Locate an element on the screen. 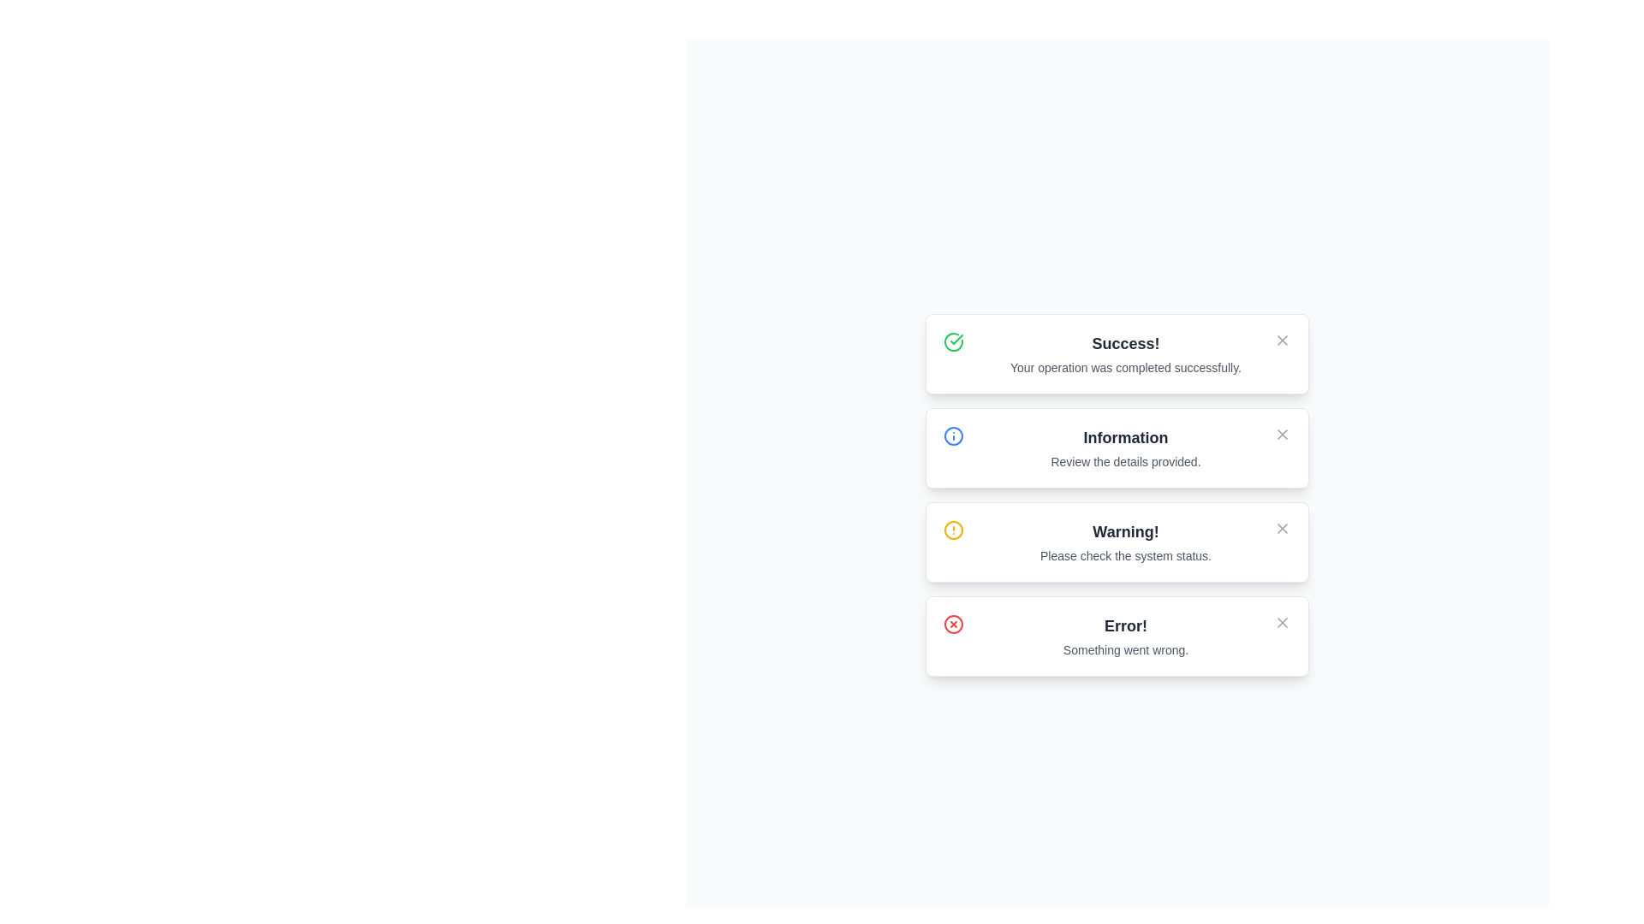 The image size is (1644, 924). the small cross icon button at the top-right corner of the 'Success! Your operation was completed successfully.' notification card is located at coordinates (1282, 340).